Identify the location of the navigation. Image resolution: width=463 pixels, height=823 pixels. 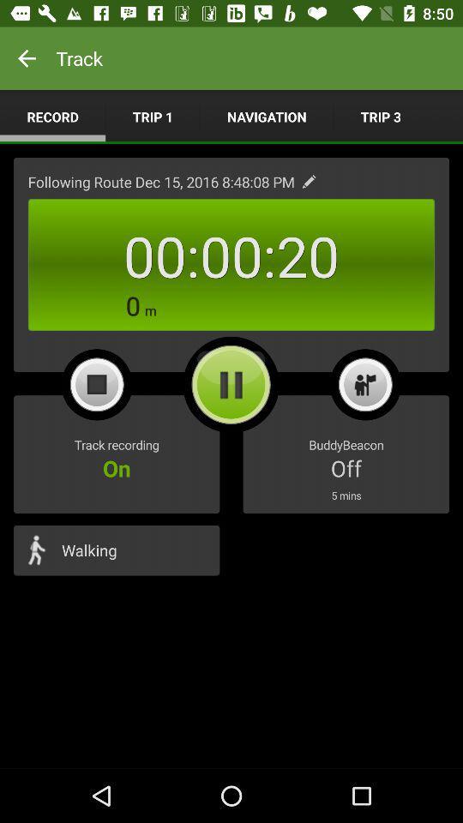
(267, 116).